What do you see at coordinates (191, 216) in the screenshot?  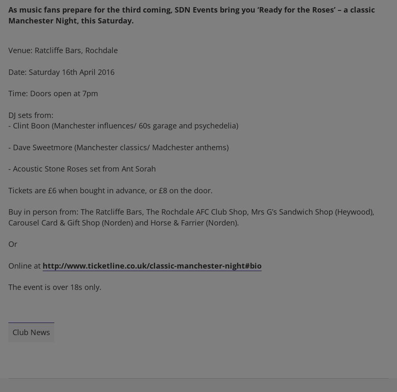 I see `'Buy in person from: The Ratcliffe Bars, The Rochdale AFC Club Shop, Mrs G’s Sandwich Shop (Heywood), Carousel Card & Gift Shop (Norden) and Horse & Farrier (Norden).'` at bounding box center [191, 216].